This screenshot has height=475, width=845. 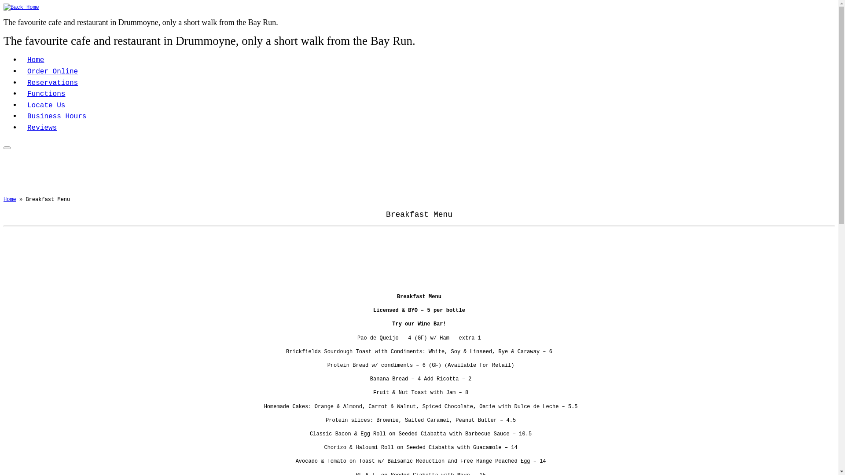 I want to click on 'Reviews', so click(x=21, y=128).